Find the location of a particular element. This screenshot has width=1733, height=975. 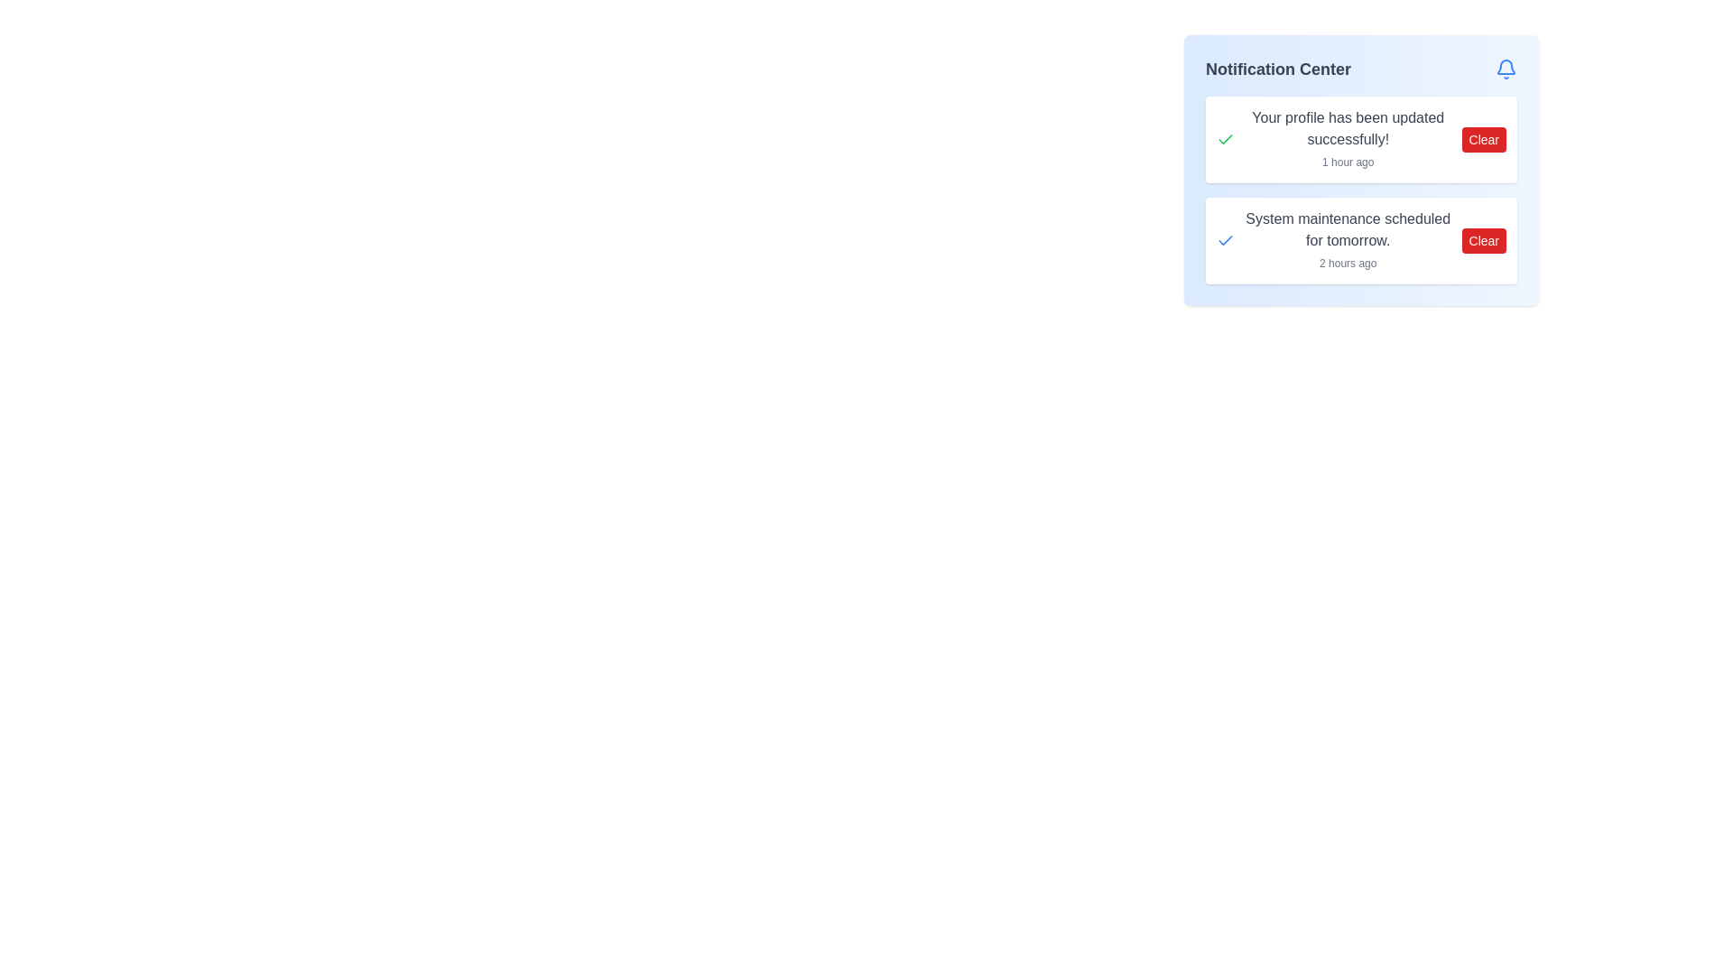

the notification bell icon located in the top-right corner of the 'Notification Center' is located at coordinates (1506, 69).